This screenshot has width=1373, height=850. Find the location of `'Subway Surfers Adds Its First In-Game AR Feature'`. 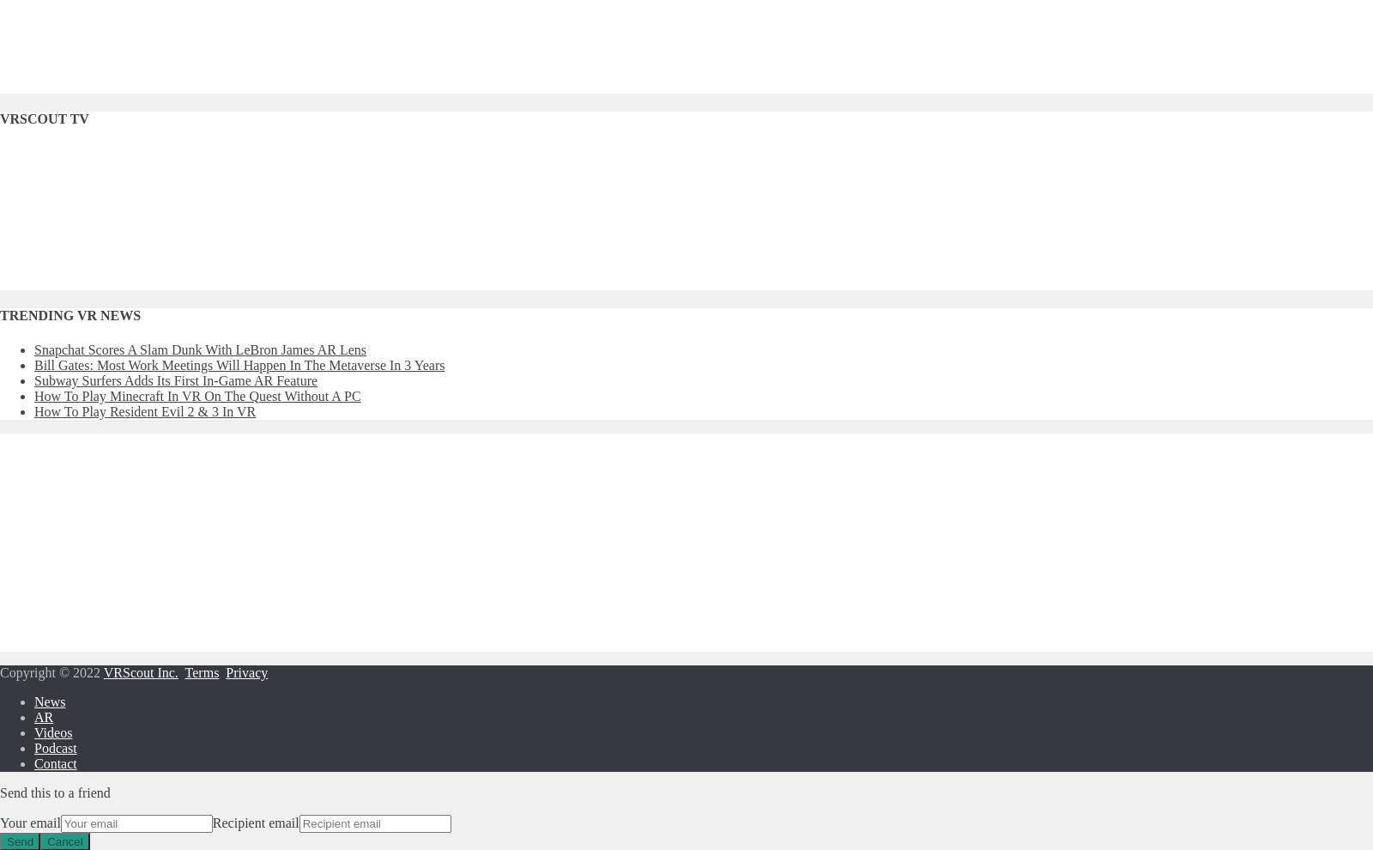

'Subway Surfers Adds Its First In-Game AR Feature' is located at coordinates (175, 379).